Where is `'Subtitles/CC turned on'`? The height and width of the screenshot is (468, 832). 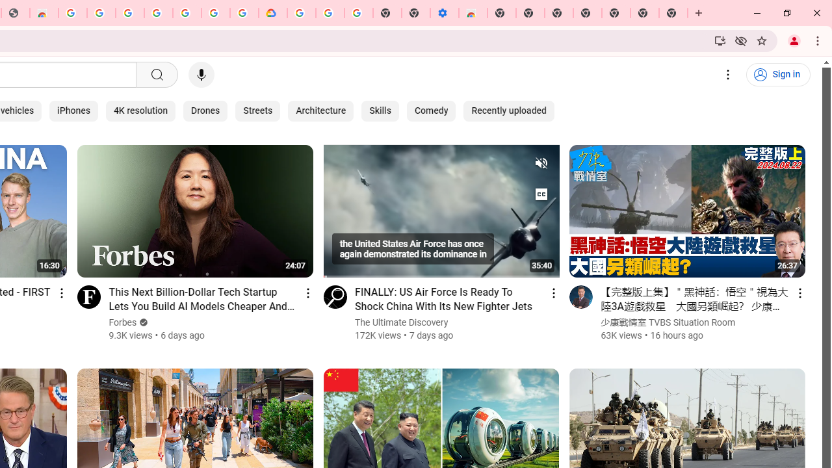 'Subtitles/CC turned on' is located at coordinates (541, 194).